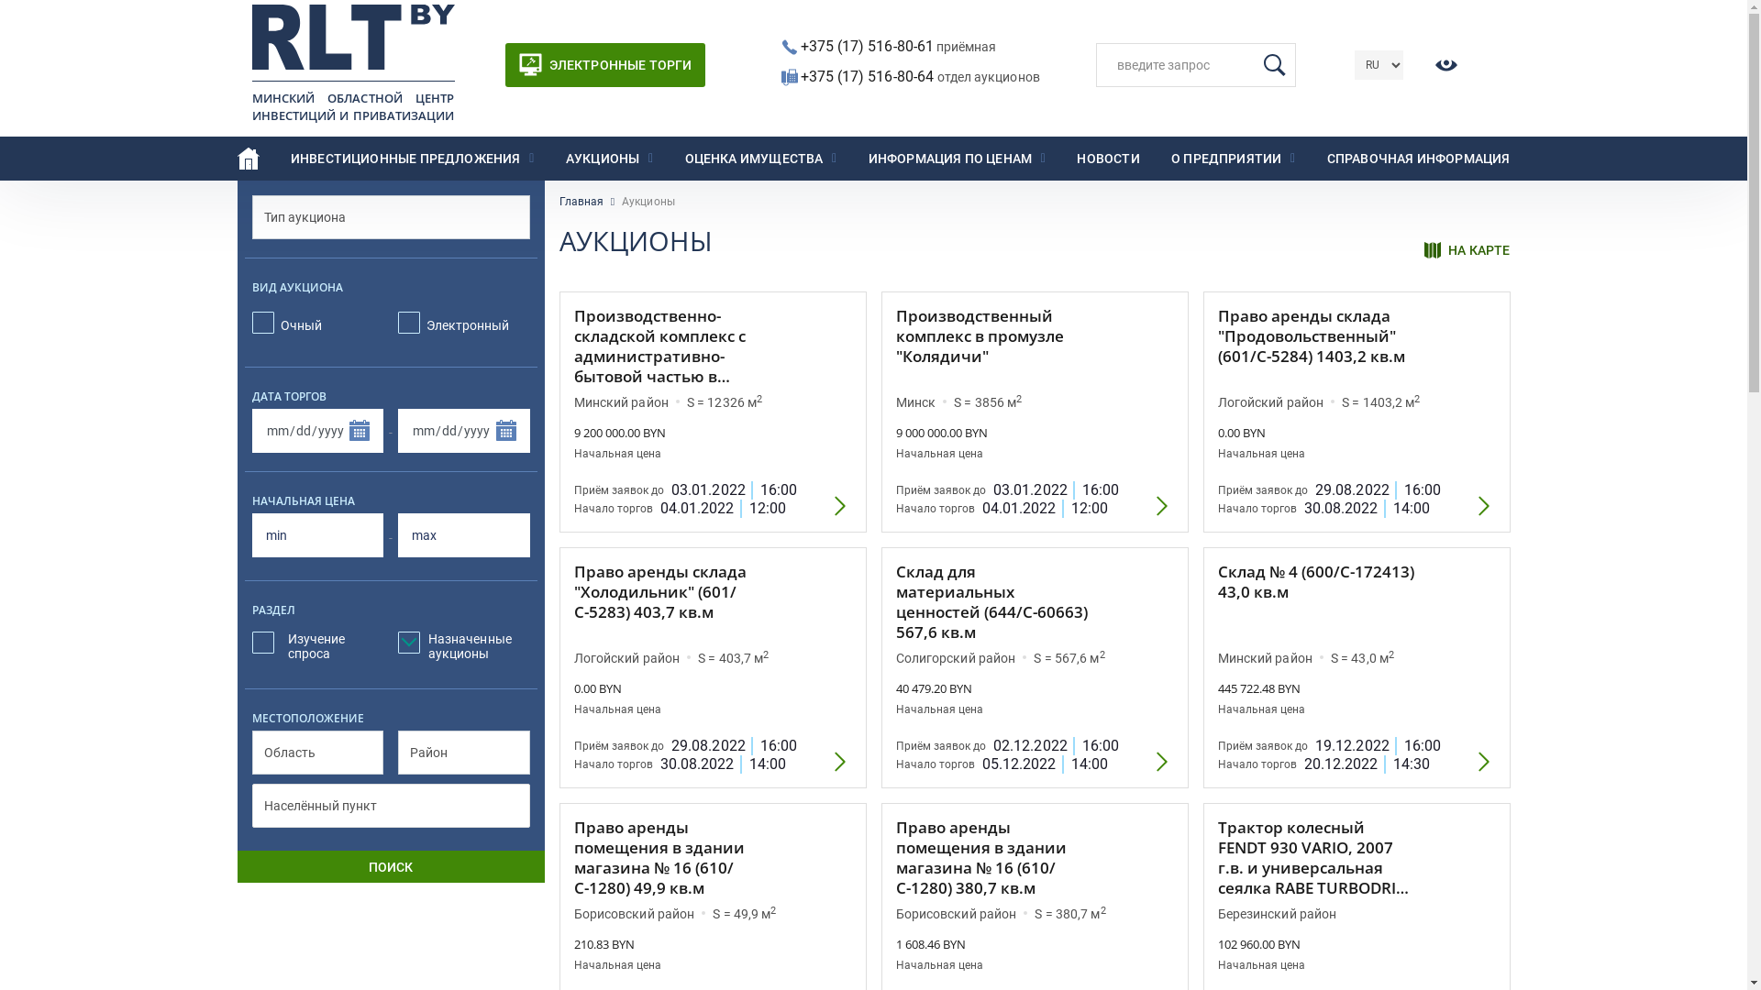 This screenshot has height=990, width=1761. I want to click on '+375 (17) 516-80-64', so click(867, 75).